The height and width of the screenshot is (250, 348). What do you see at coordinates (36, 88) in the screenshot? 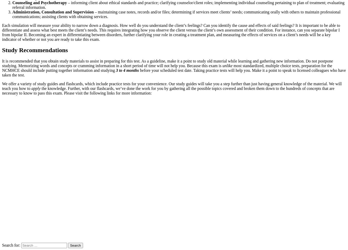
I see `'apply'` at bounding box center [36, 88].